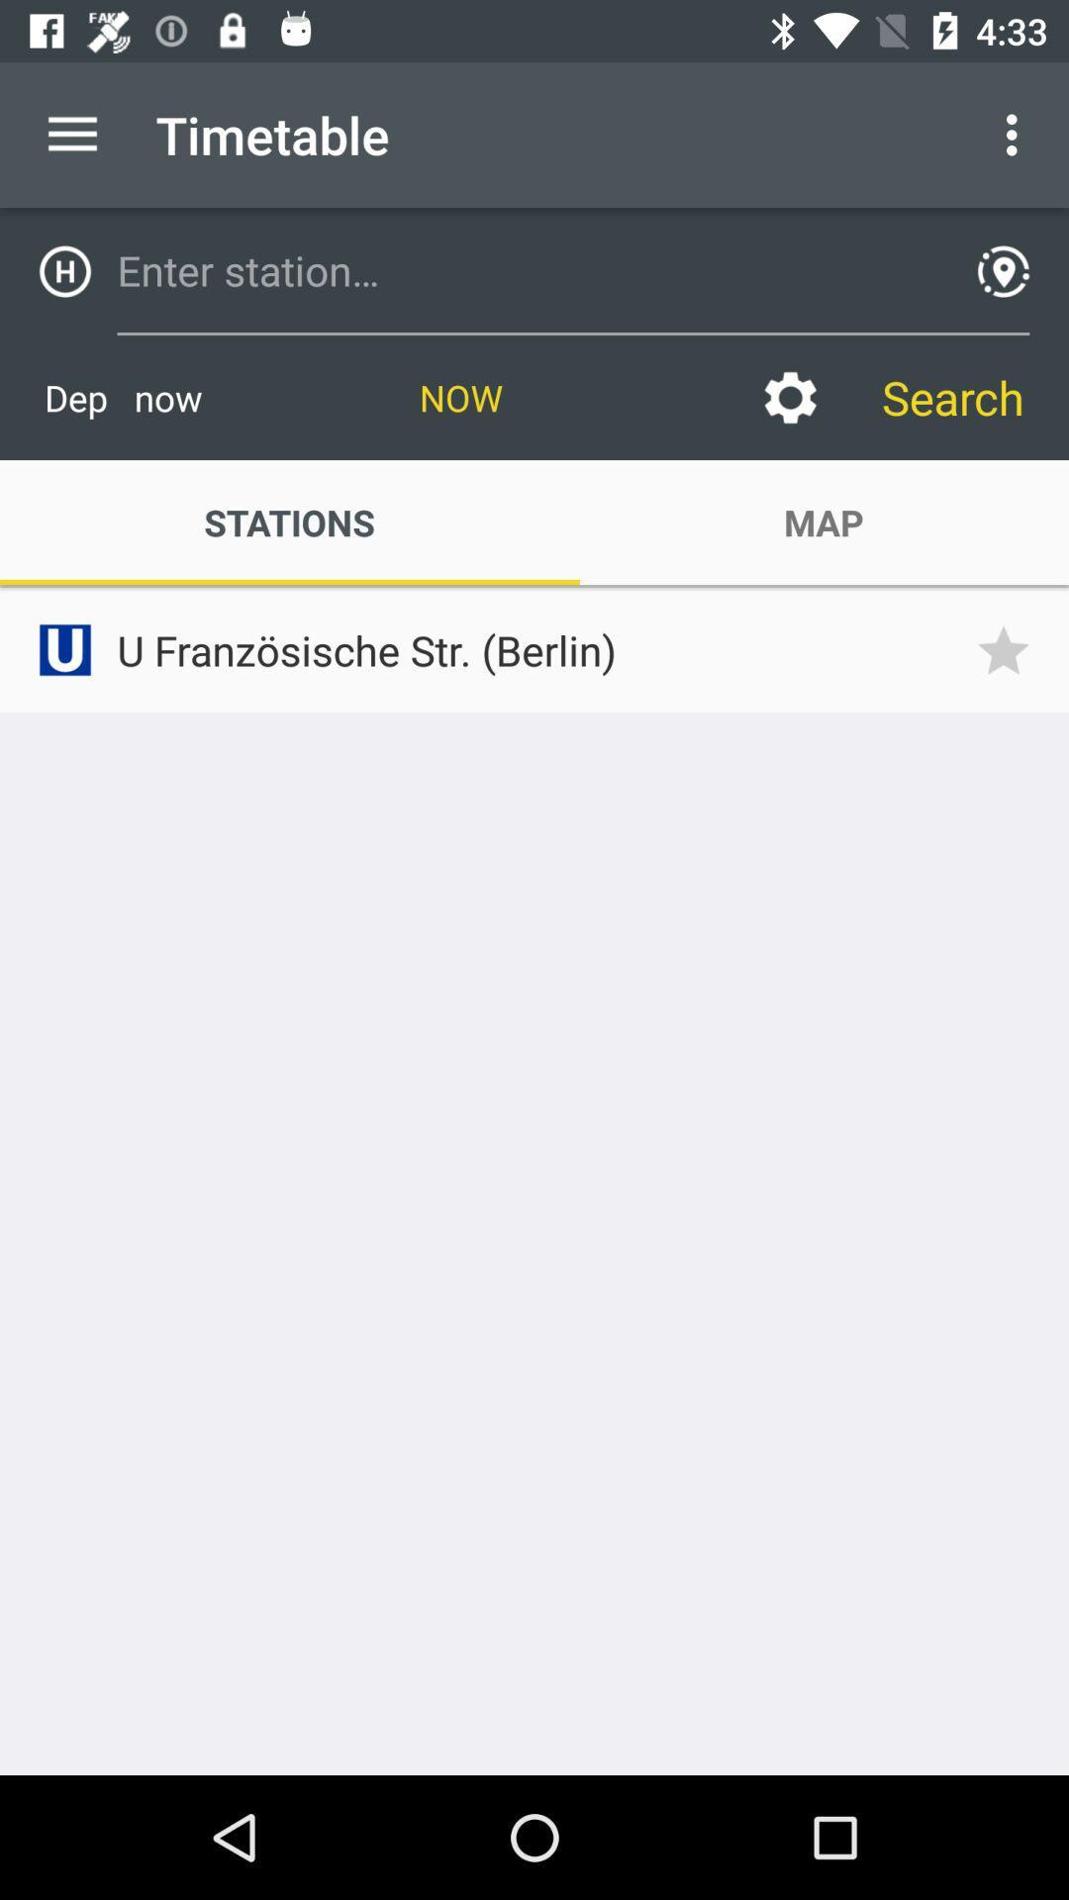 This screenshot has width=1069, height=1900. I want to click on app next to the timetable app, so click(71, 134).